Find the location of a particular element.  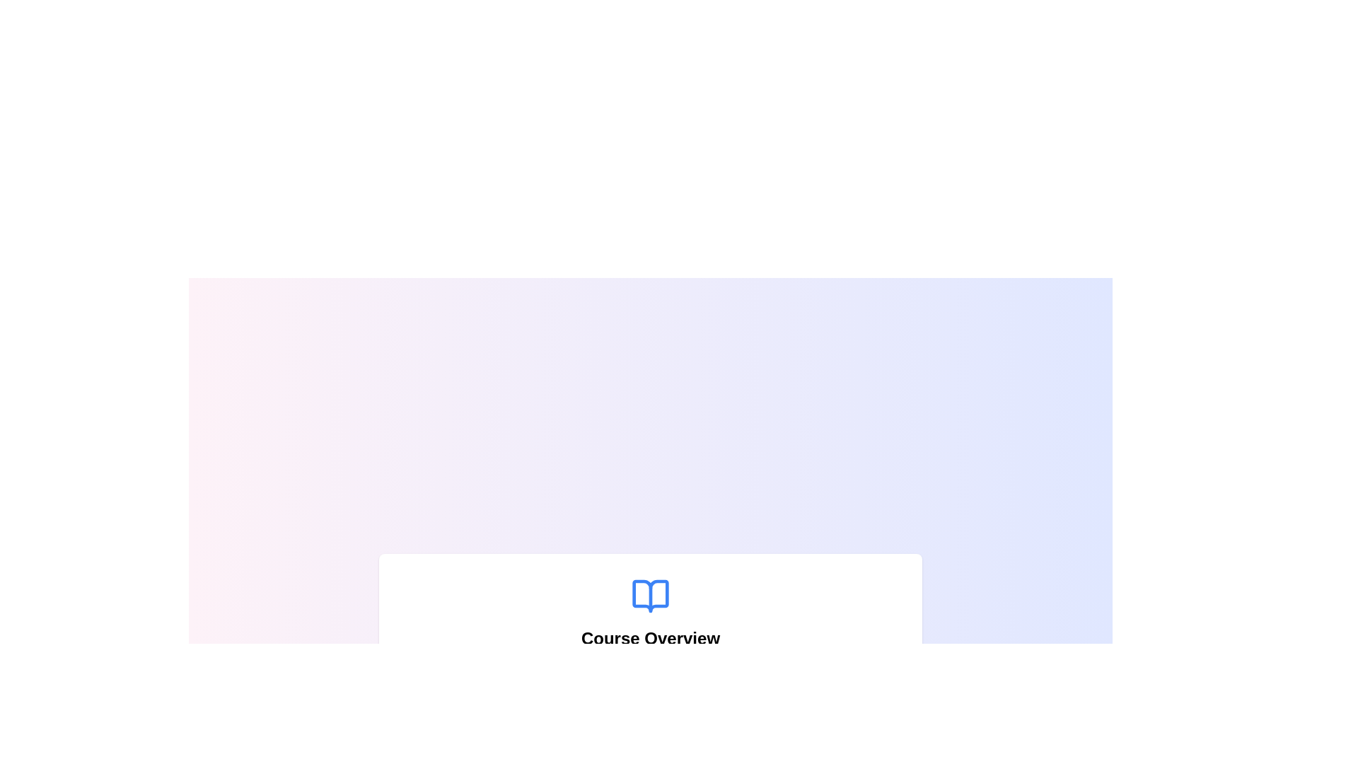

left page outline of the book icon, which is represented in blue and is part of the 'Course Overview' label group is located at coordinates (650, 596).